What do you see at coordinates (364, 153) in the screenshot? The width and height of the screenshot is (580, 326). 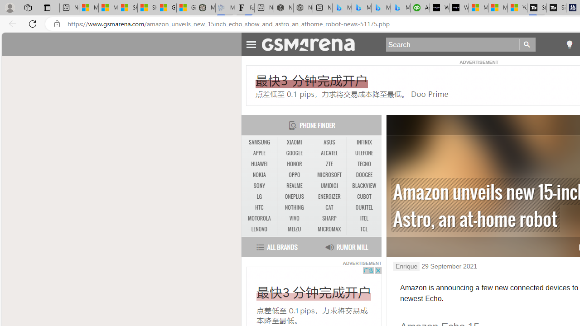 I see `'ULEFONE'` at bounding box center [364, 153].